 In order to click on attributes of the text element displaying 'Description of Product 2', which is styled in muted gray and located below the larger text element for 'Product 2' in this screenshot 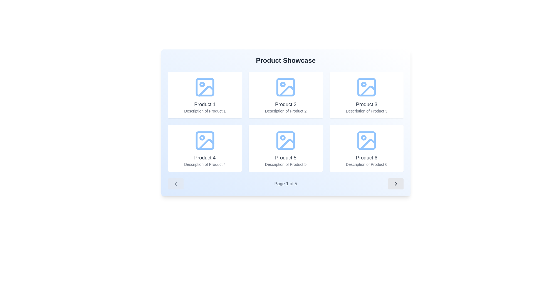, I will do `click(286, 111)`.